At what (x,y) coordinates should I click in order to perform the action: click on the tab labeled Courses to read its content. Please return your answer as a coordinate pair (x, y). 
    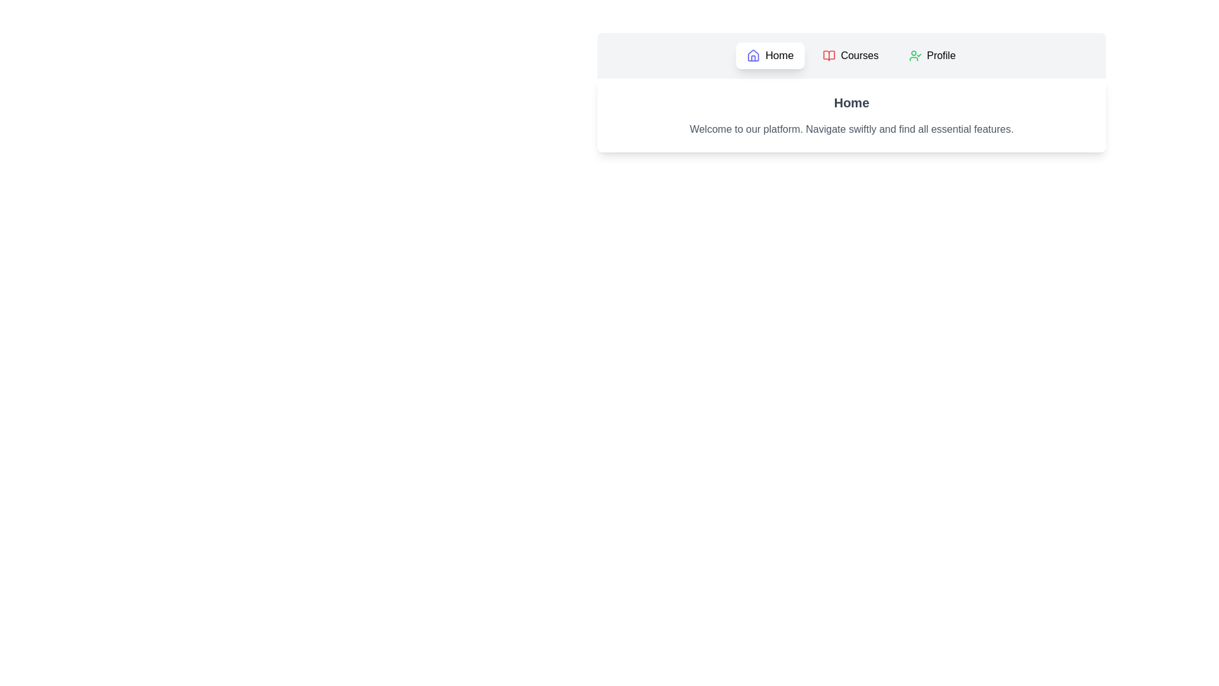
    Looking at the image, I should click on (850, 55).